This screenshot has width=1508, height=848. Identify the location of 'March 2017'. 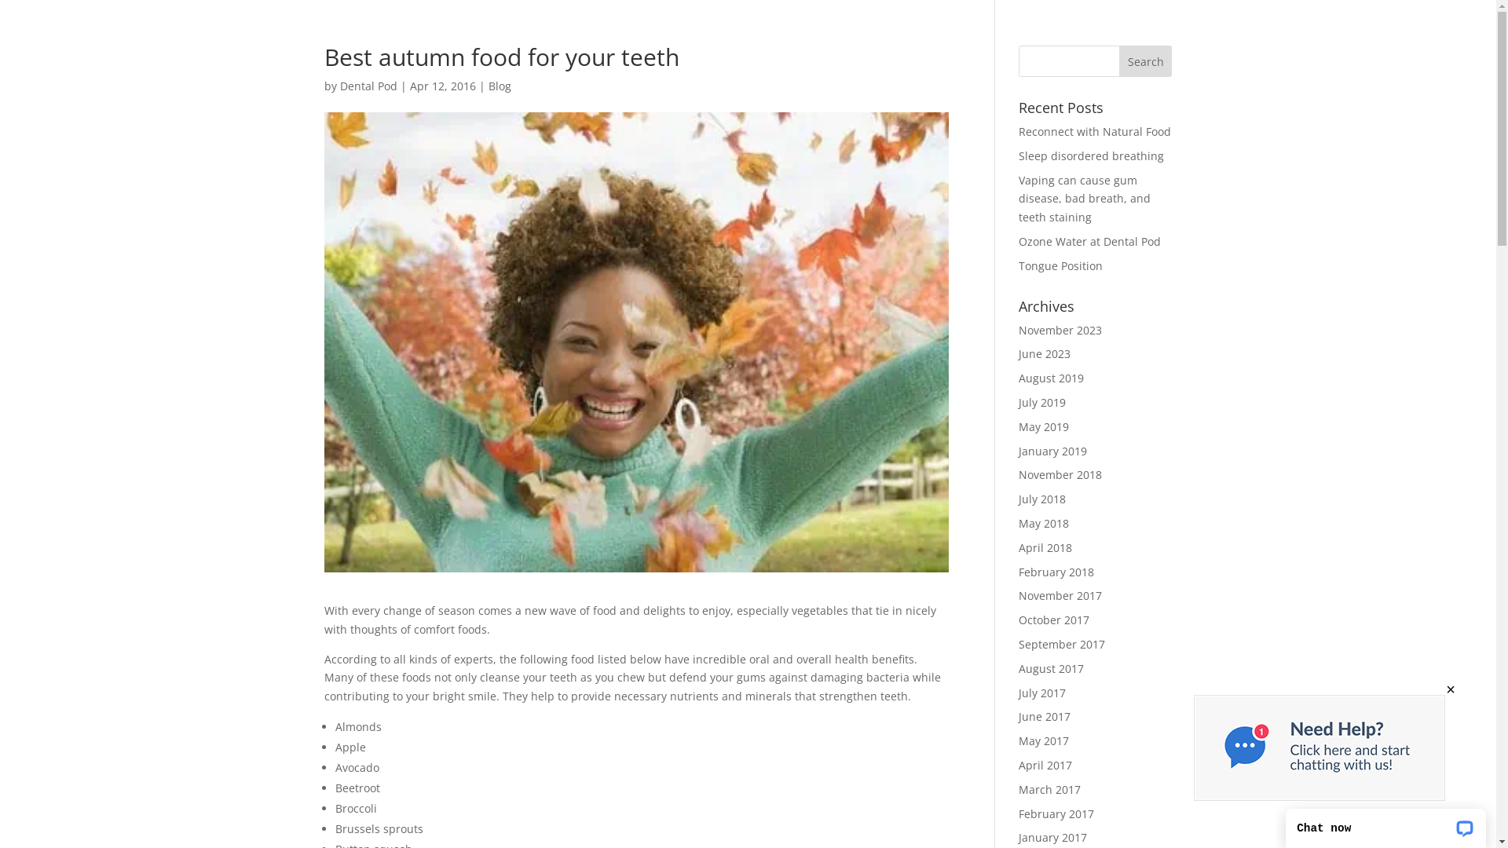
(1049, 789).